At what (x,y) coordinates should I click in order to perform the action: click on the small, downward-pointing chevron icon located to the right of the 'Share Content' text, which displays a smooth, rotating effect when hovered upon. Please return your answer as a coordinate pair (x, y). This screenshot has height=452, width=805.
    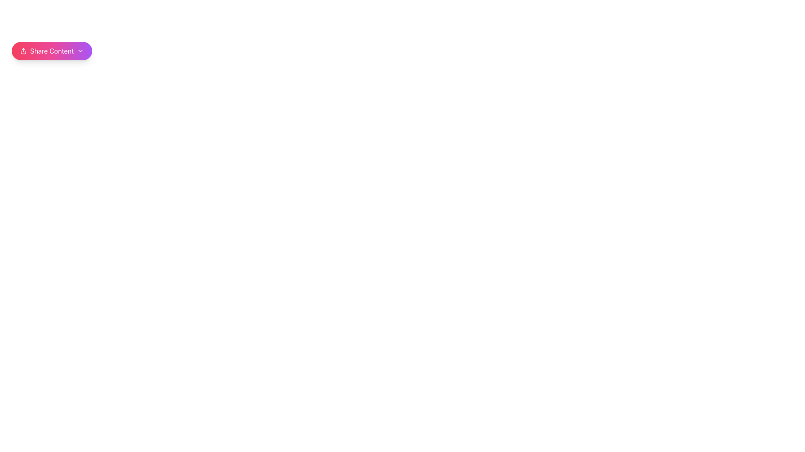
    Looking at the image, I should click on (80, 51).